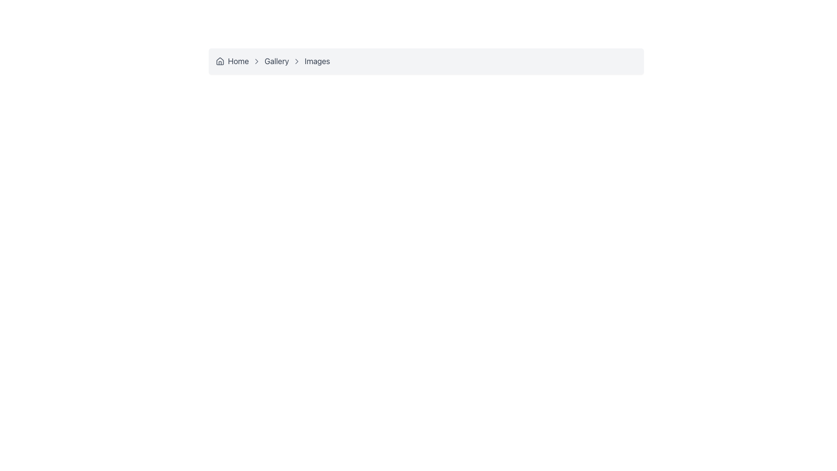 This screenshot has height=471, width=837. Describe the element at coordinates (276, 61) in the screenshot. I see `the 'Gallery' link in the breadcrumb navigation bar, which is styled with a blue hover effect and located between 'Home' and 'Images'` at that location.